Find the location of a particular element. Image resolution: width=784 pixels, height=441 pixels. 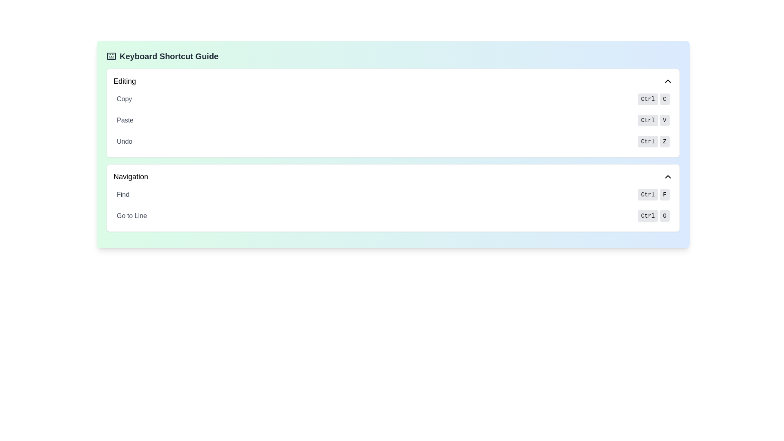

the rectangular outline within the SVG graphic of the keyboard icon, located at the left end of the header titled 'Keyboard Shortcut Guide' is located at coordinates (111, 56).